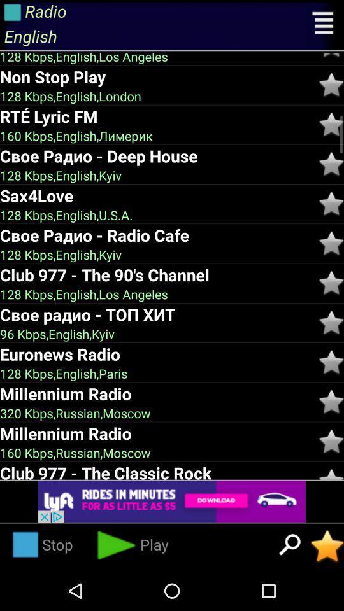  Describe the element at coordinates (331, 322) in the screenshot. I see `choose to save as favorite` at that location.